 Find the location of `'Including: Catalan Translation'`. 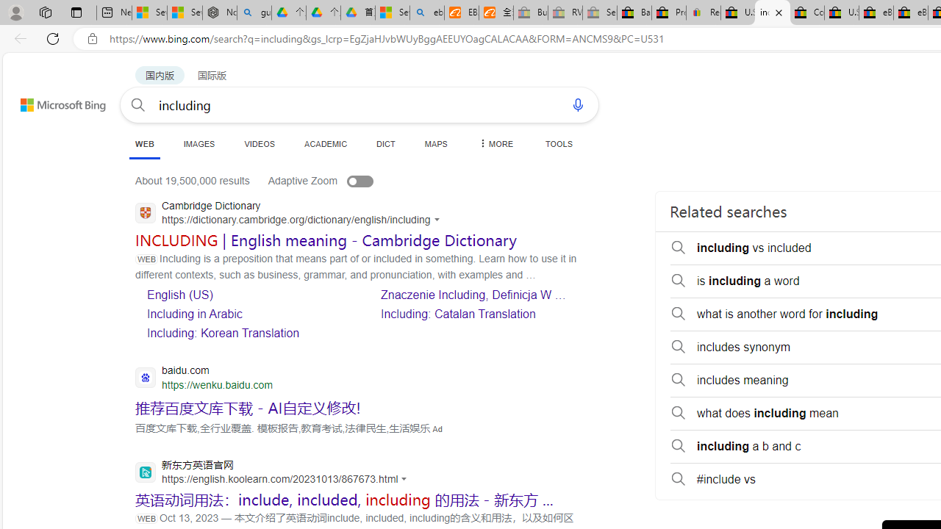

'Including: Catalan Translation' is located at coordinates (458, 313).